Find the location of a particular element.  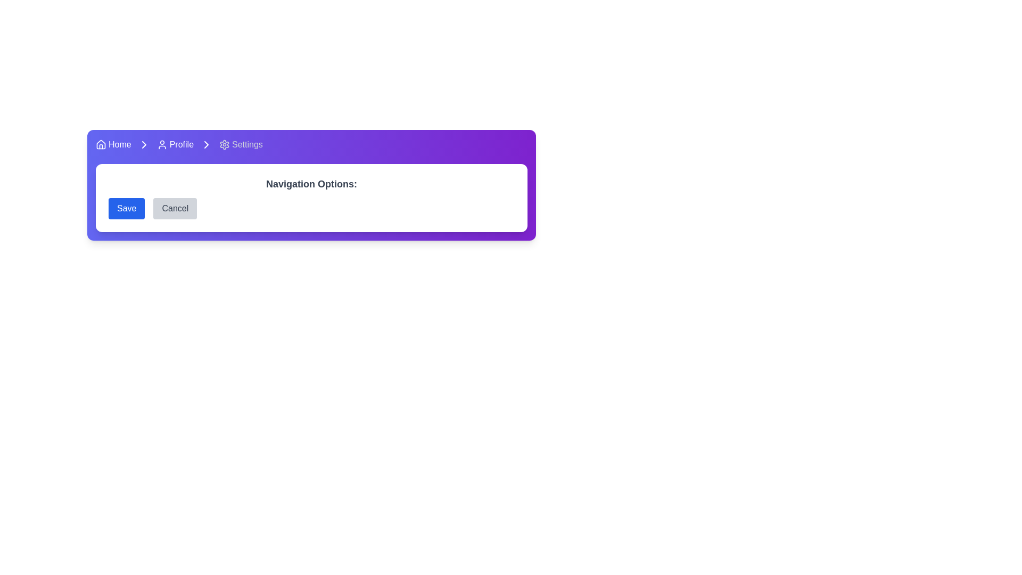

the chevron-right icon located in the navigation bar, which follows the 'Profile' button and precedes the 'Settings' button, indicating a navigational separation is located at coordinates (207, 145).